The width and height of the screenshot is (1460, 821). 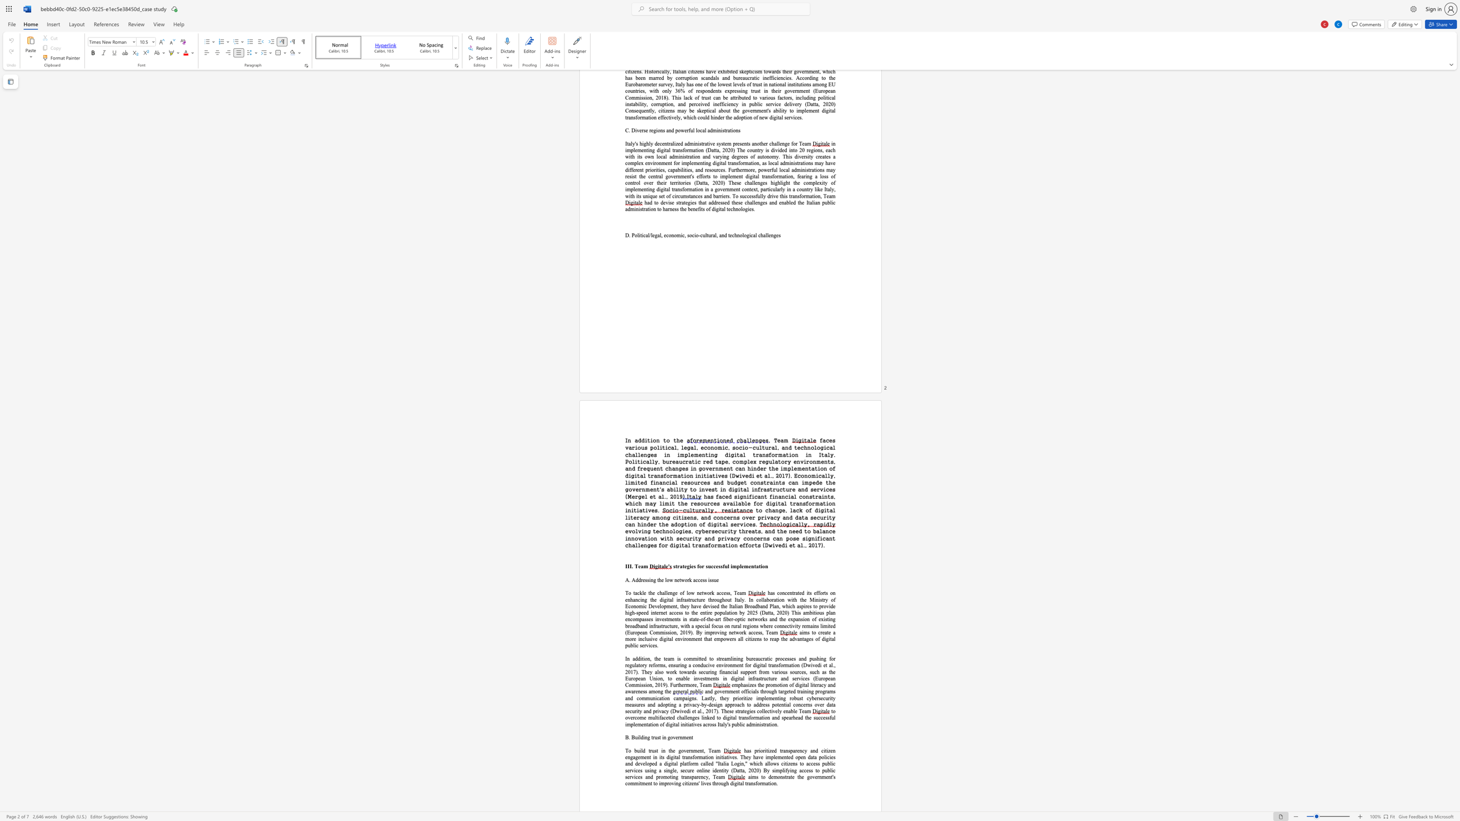 What do you see at coordinates (787, 665) in the screenshot?
I see `the 7th character "m" in the text` at bounding box center [787, 665].